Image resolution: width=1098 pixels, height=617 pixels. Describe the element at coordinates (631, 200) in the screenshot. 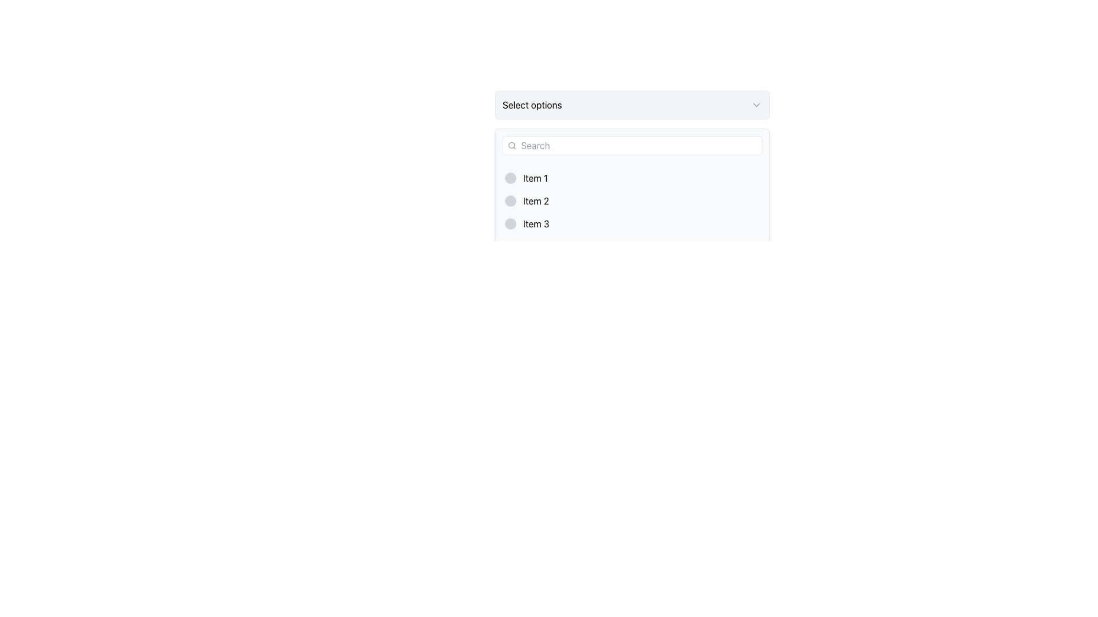

I see `the second item in the vertically arranged list` at that location.